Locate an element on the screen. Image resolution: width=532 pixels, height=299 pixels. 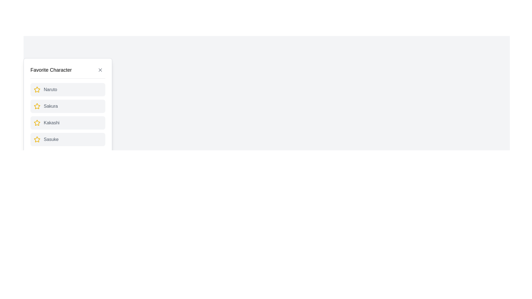
the star icon located to the left of the text label 'Kakashi' in the third list item of the 'Favorite Character' card is located at coordinates (37, 122).